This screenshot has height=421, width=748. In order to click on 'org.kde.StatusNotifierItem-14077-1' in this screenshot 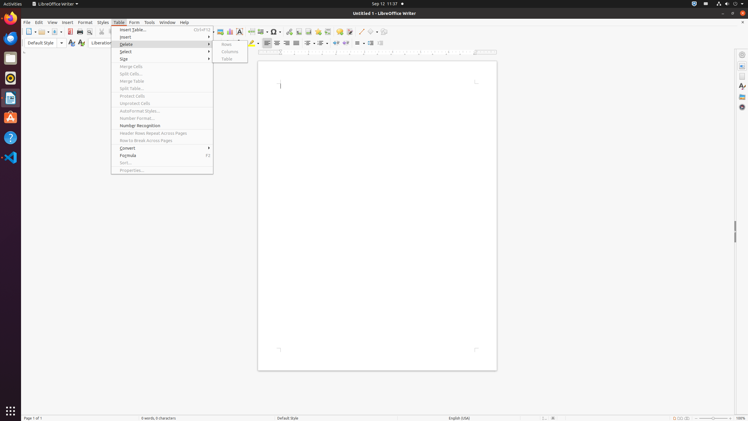, I will do `click(705, 4)`.